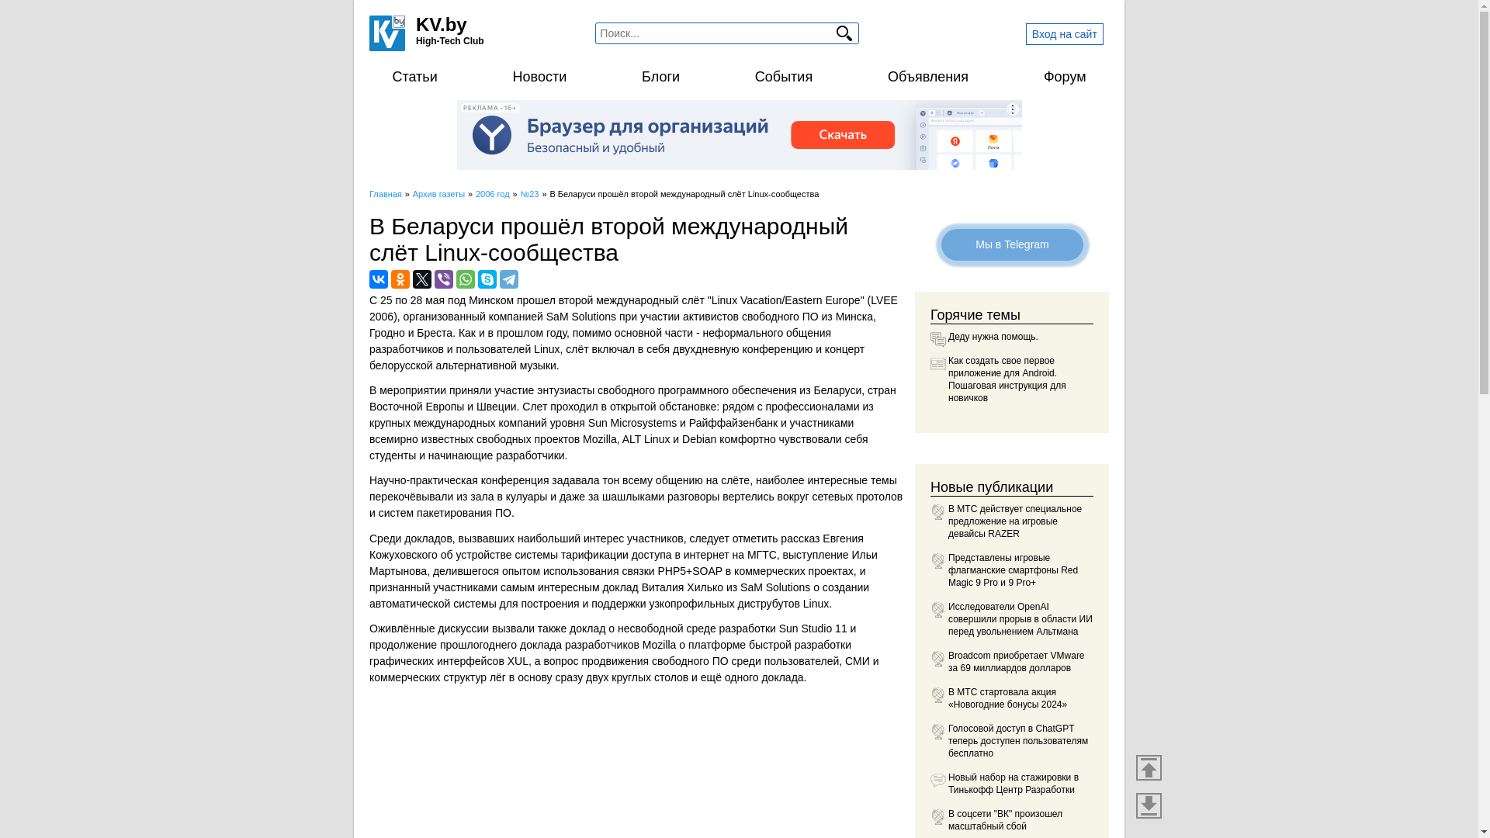 This screenshot has width=1490, height=838. I want to click on 'Viber', so click(442, 278).